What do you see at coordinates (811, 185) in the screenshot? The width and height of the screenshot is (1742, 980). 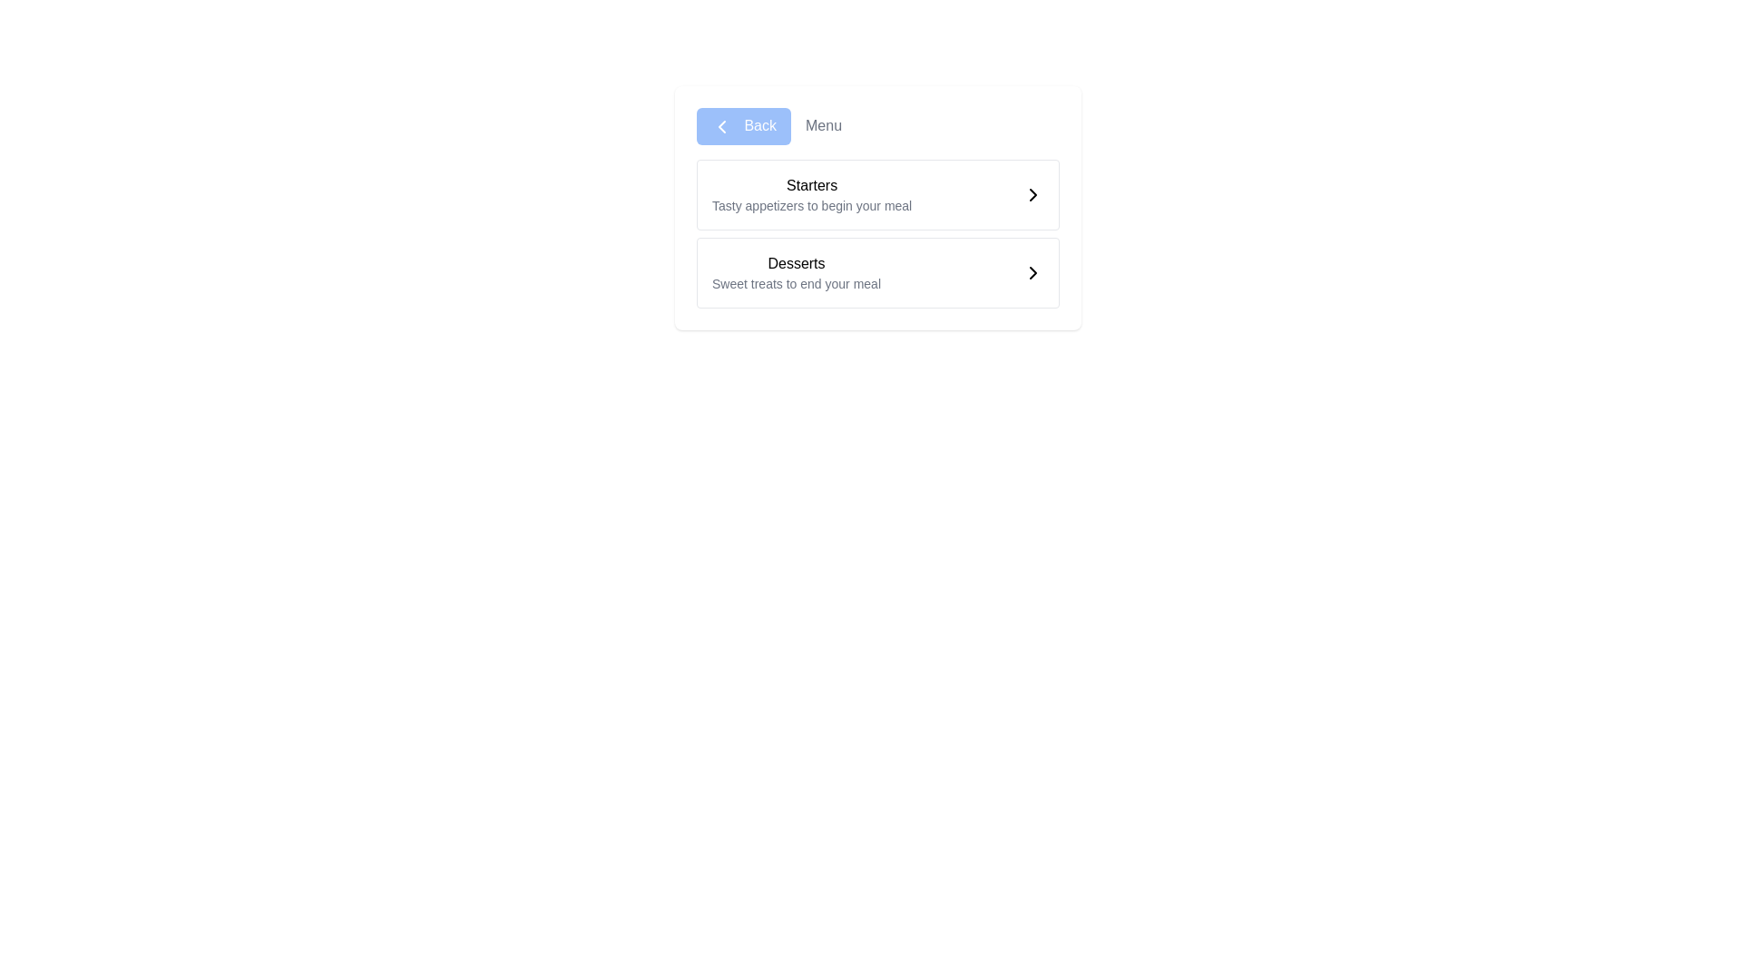 I see `the header text label that indicates the type of menu items in the section above 'Tasty appetizers to begin your meal', which is centered in the box labeled 'Starters'` at bounding box center [811, 185].